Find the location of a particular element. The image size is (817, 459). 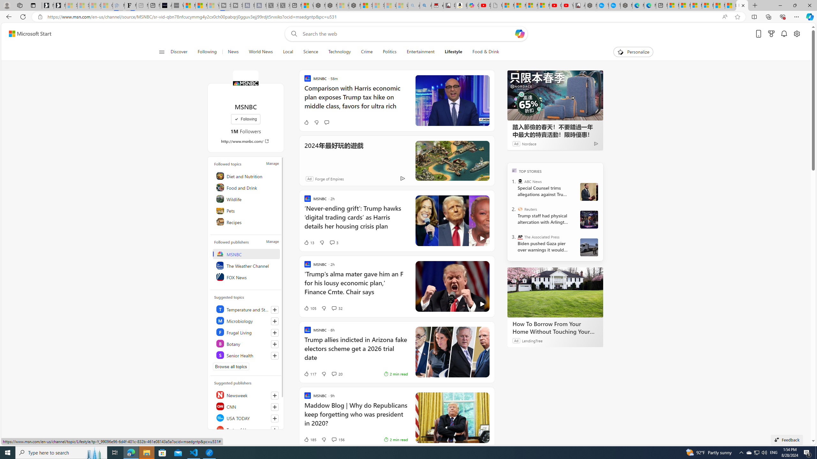

'MSNBC' is located at coordinates (247, 254).